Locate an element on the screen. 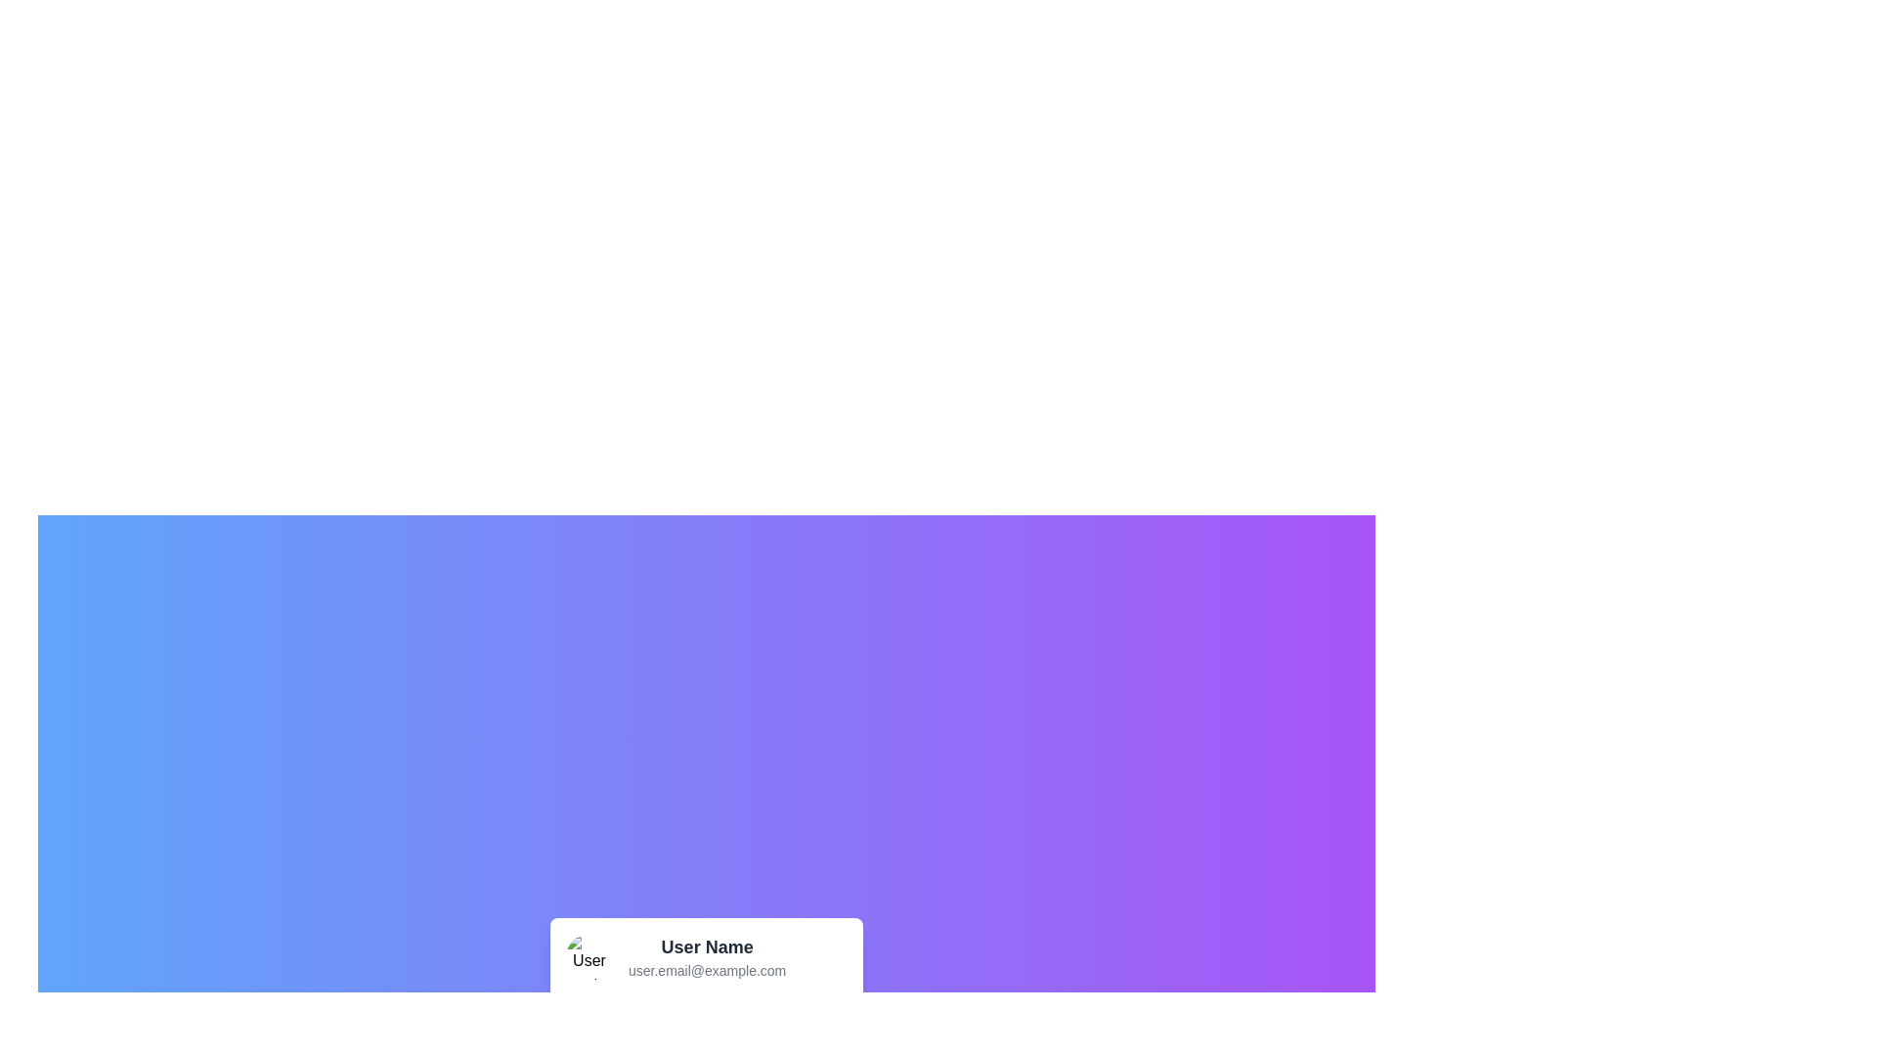 The height and width of the screenshot is (1056, 1877). the email address displayed in the Profile Summary Area to copy it or open an email application is located at coordinates (706, 956).